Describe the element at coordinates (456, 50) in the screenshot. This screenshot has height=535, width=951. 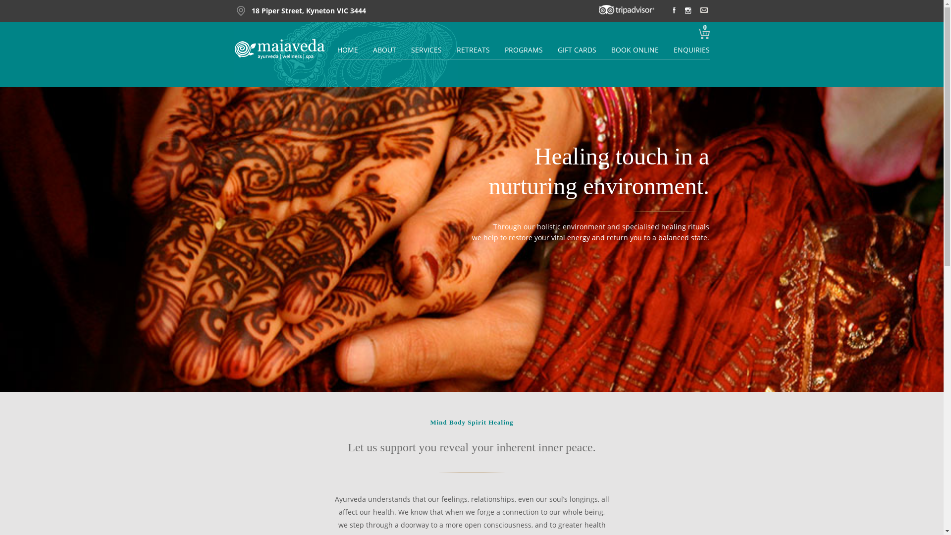
I see `'RETREATS'` at that location.